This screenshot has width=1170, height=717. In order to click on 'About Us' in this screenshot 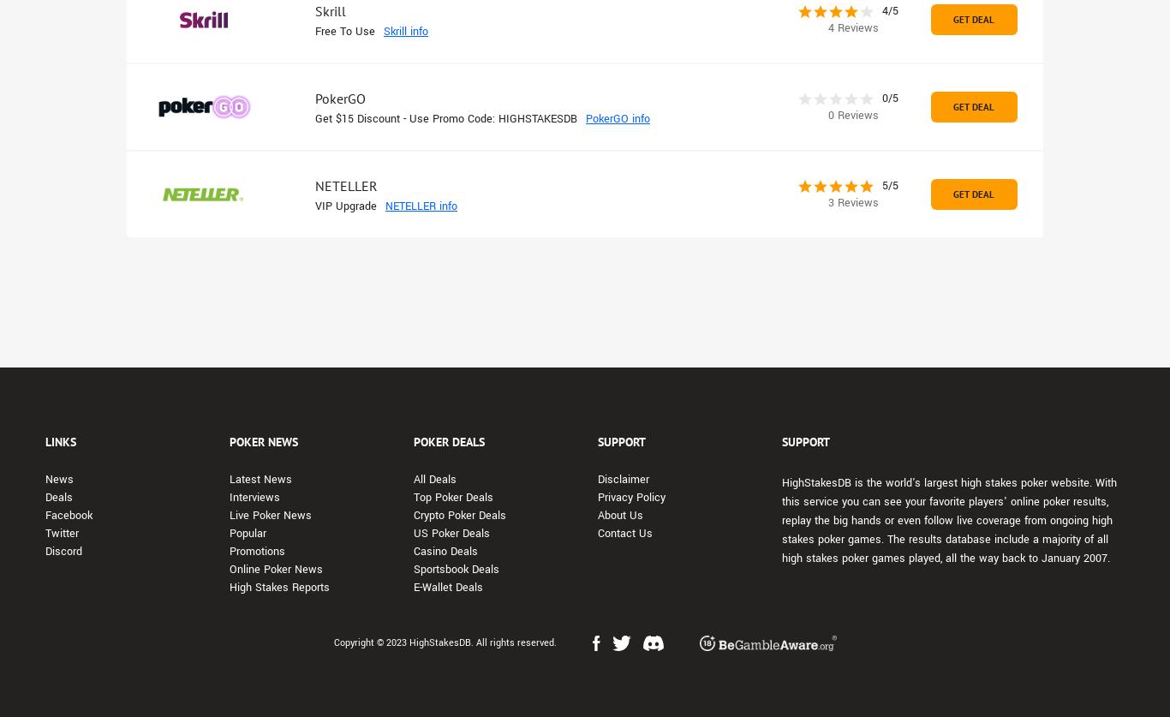, I will do `click(598, 514)`.